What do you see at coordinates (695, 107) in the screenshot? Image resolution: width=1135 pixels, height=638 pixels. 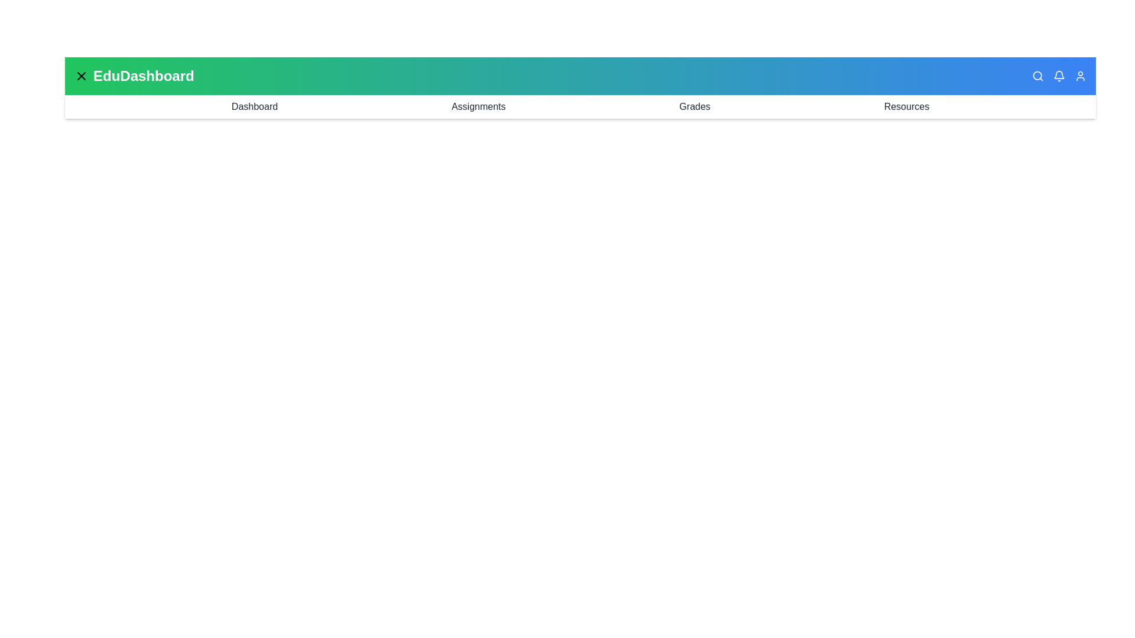 I see `the navigation link Grades to access its section` at bounding box center [695, 107].